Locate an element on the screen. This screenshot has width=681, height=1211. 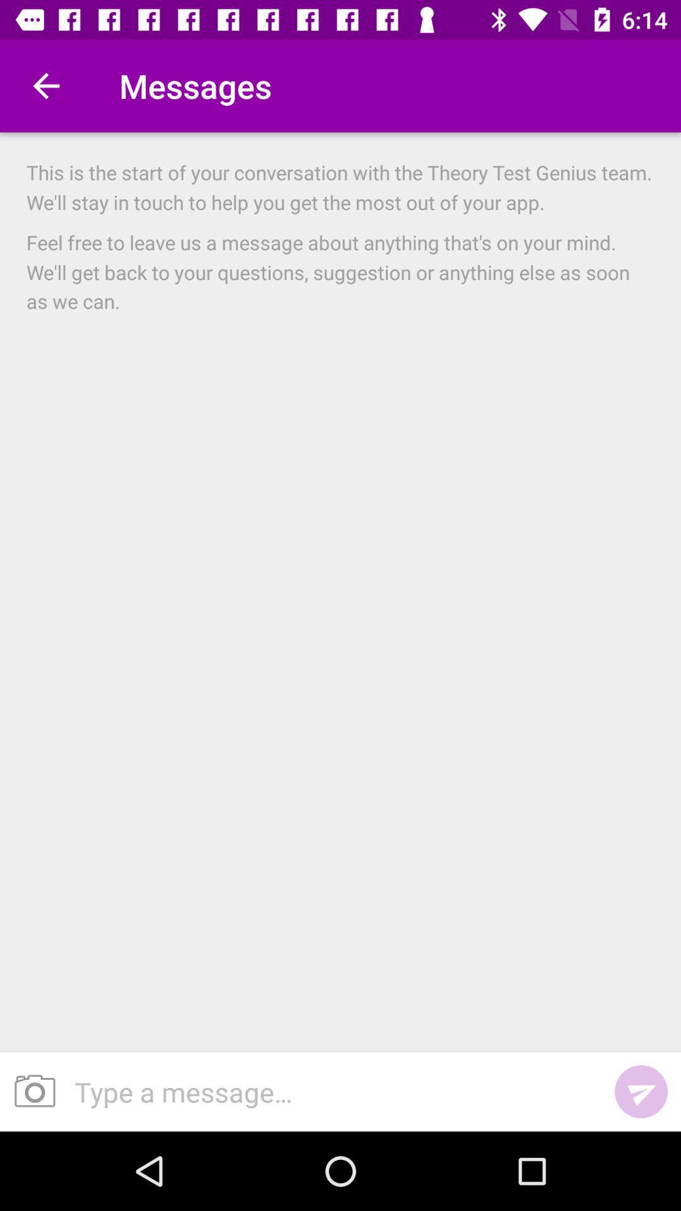
type a message is located at coordinates (330, 1091).